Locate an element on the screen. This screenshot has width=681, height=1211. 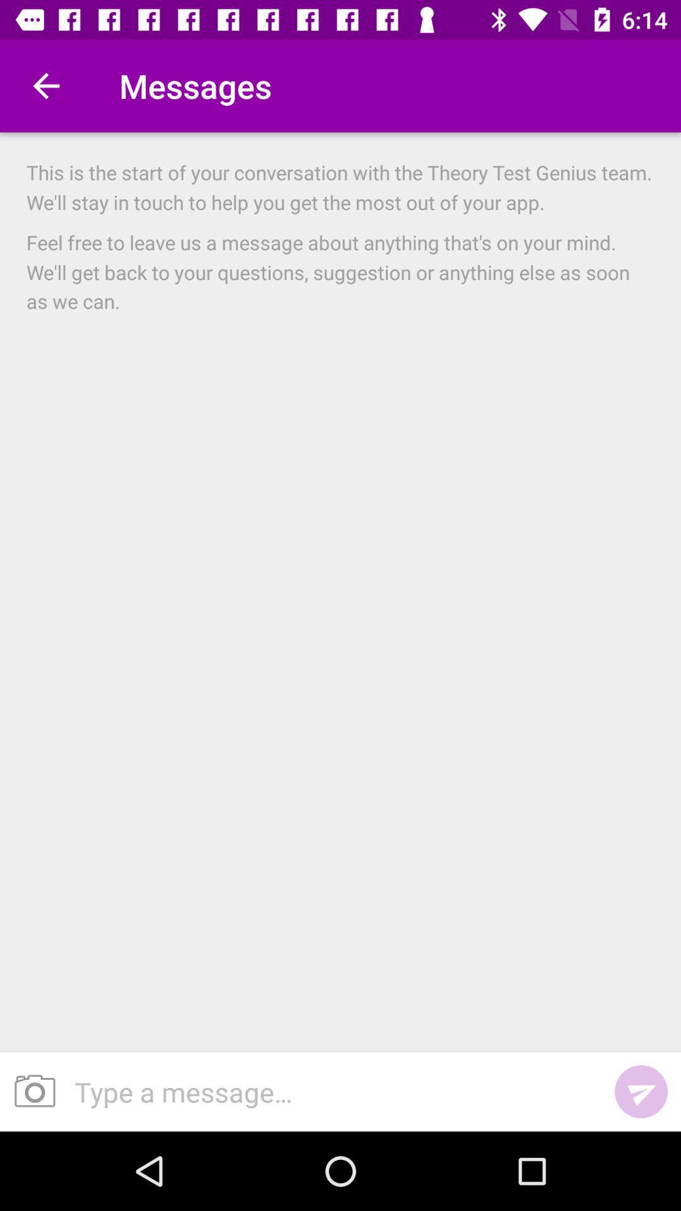
type a message is located at coordinates (330, 1091).